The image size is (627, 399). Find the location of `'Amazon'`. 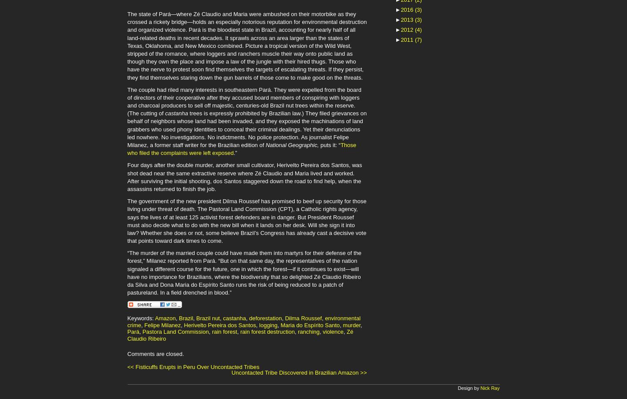

'Amazon' is located at coordinates (155, 317).